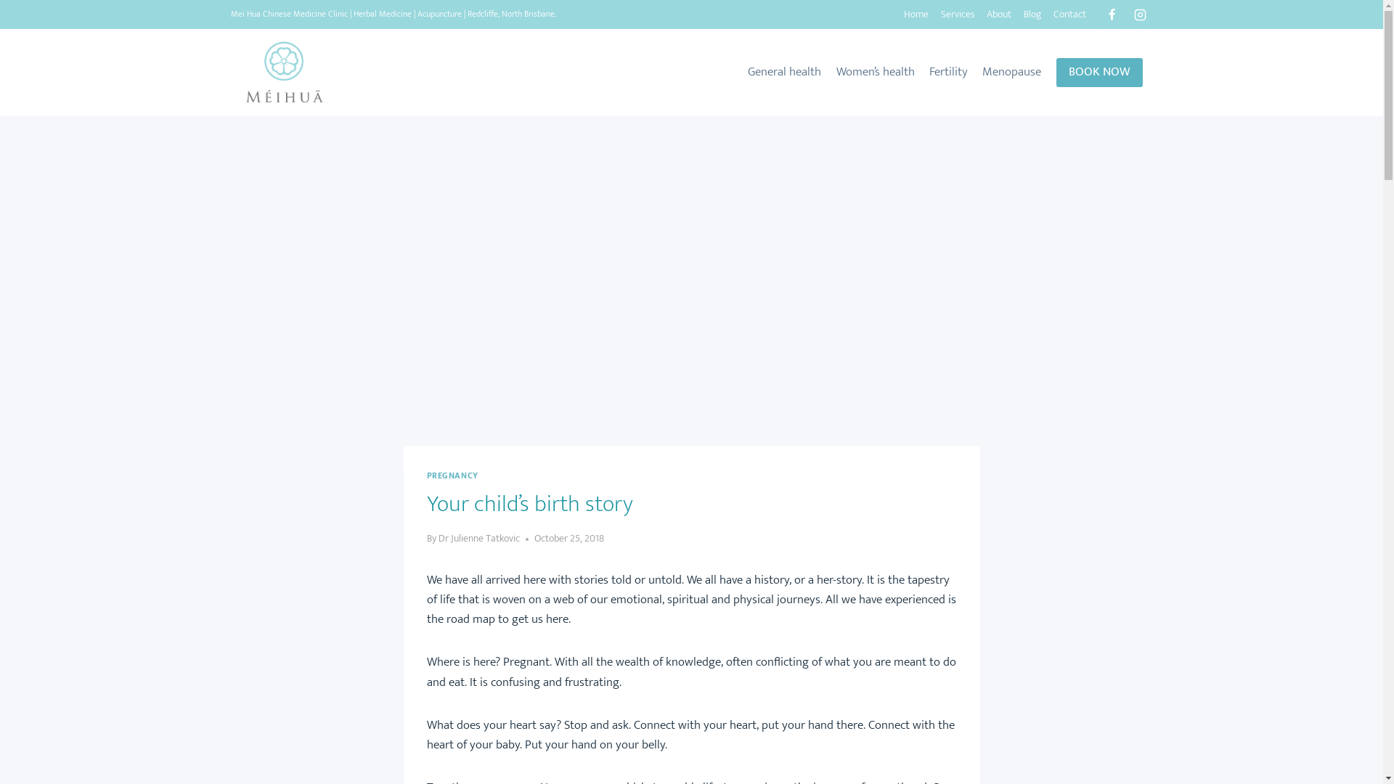 The height and width of the screenshot is (784, 1394). I want to click on 'Blog', so click(1032, 15).